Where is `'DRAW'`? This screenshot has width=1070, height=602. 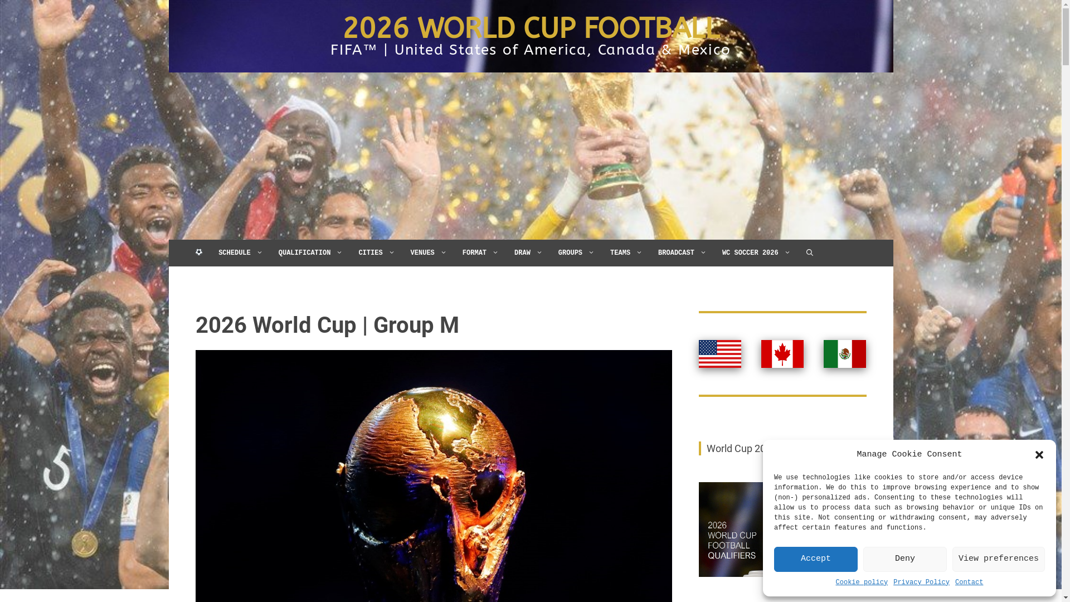 'DRAW' is located at coordinates (528, 253).